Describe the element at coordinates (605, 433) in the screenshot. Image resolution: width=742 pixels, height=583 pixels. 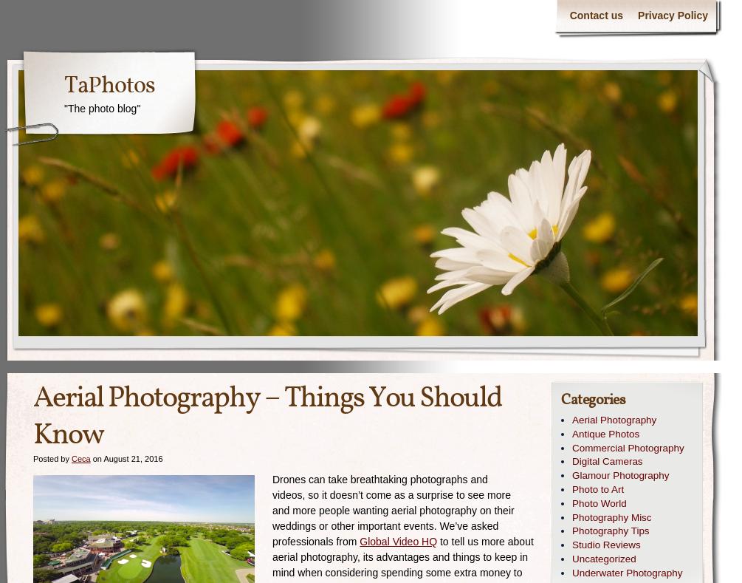
I see `'Antique Photos'` at that location.